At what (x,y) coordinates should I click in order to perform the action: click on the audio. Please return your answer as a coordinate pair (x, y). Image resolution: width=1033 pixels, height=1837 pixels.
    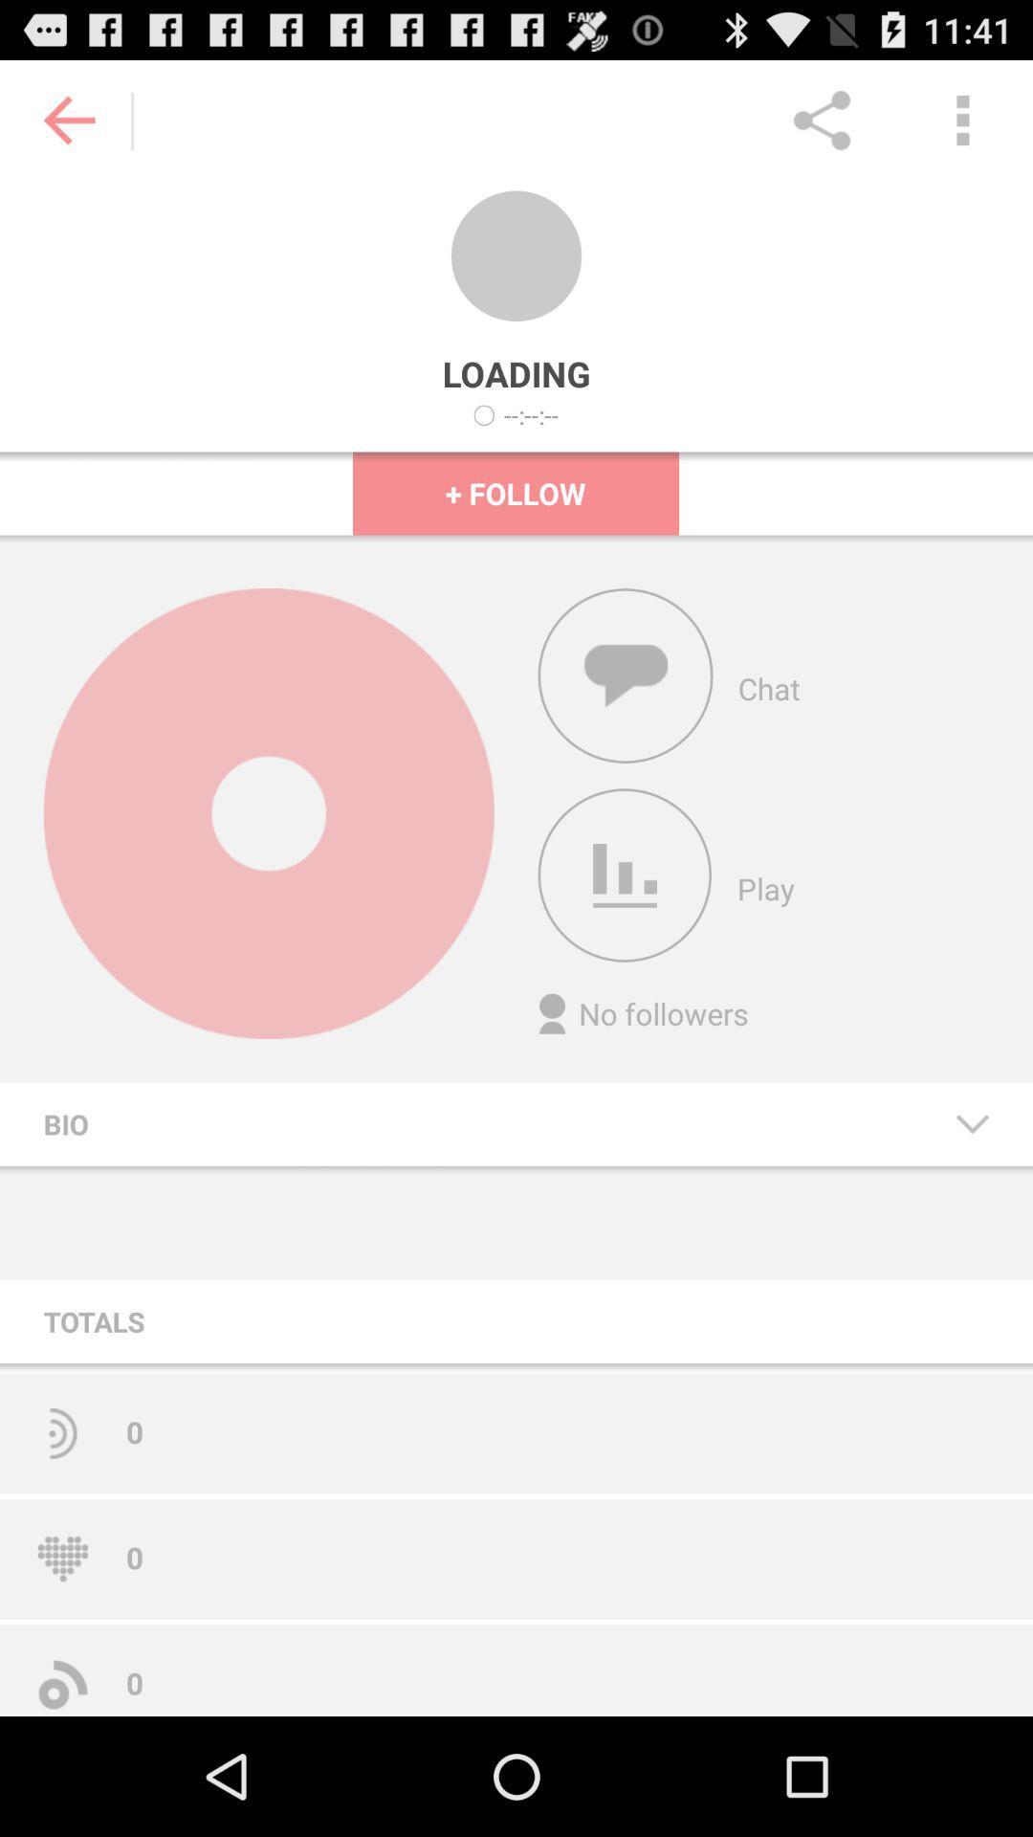
    Looking at the image, I should click on (625, 874).